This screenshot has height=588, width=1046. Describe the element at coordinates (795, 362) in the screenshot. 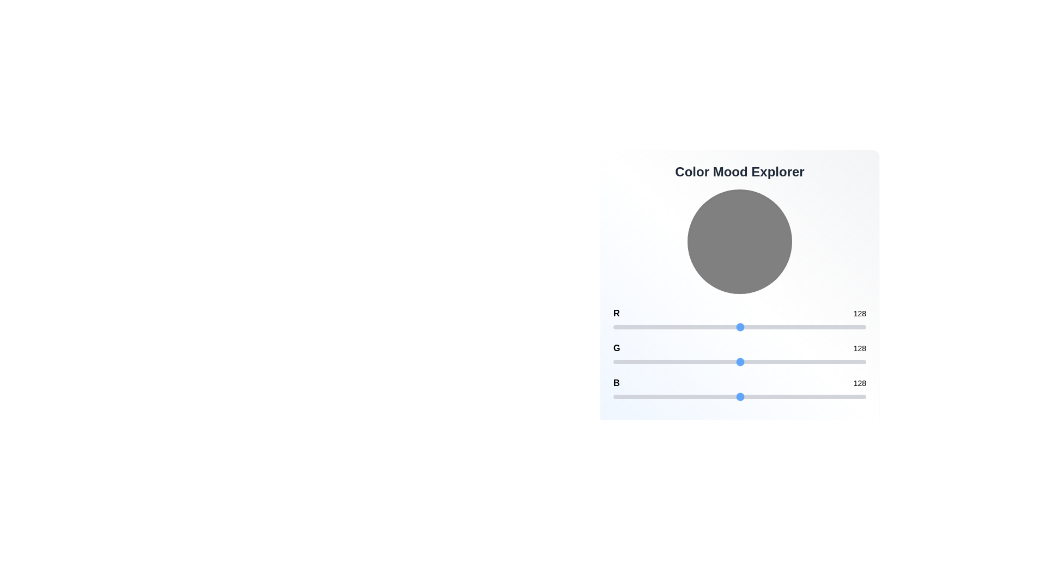

I see `the green color channel slider to 183` at that location.